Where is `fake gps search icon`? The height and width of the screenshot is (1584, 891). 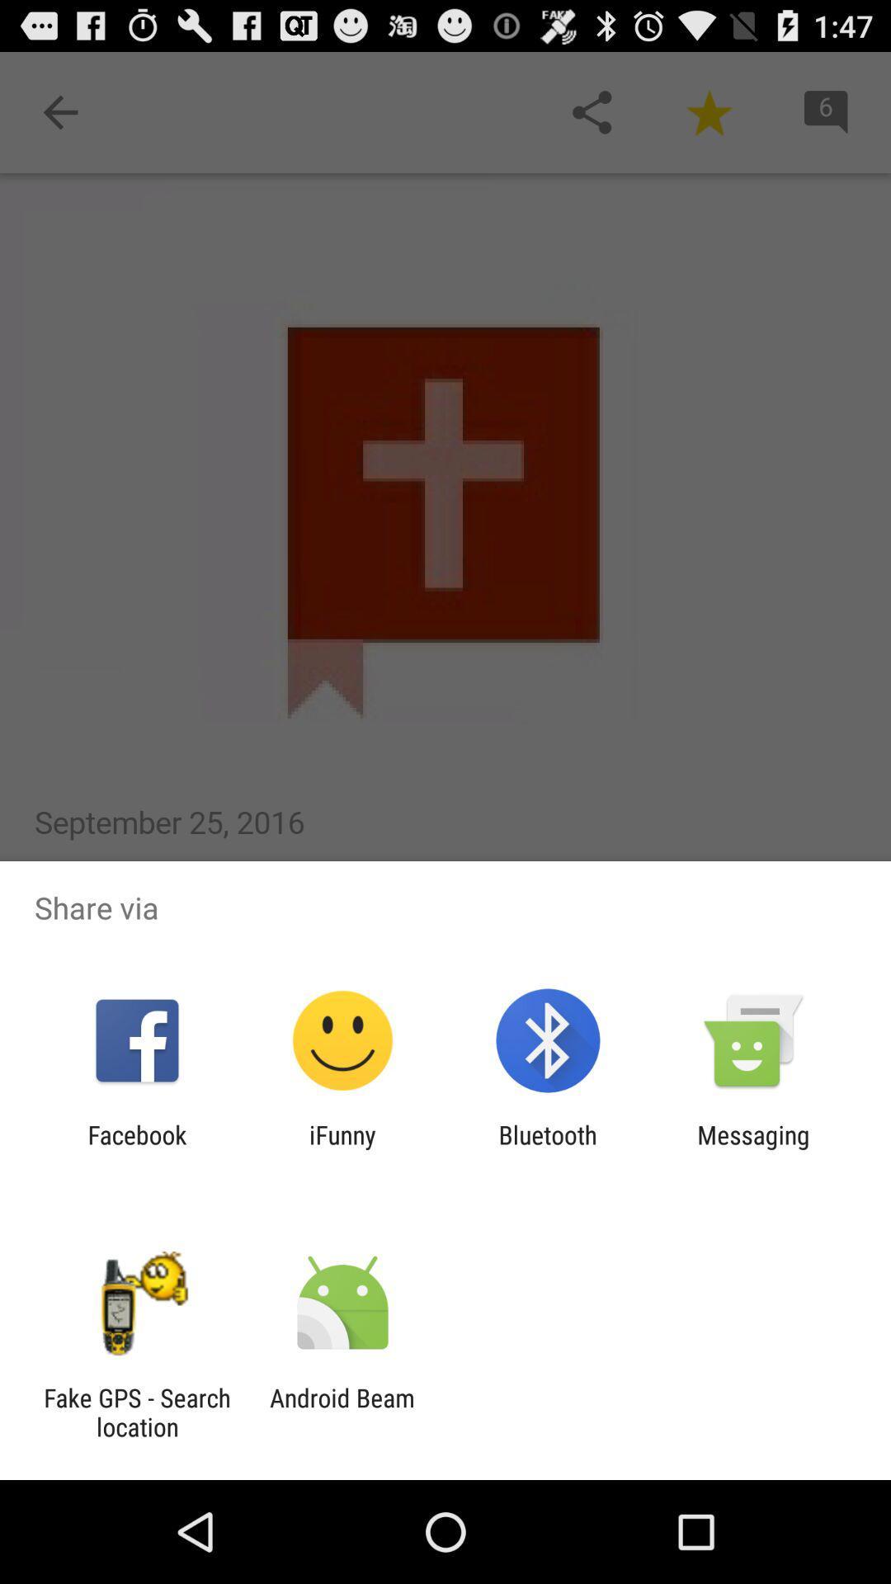
fake gps search icon is located at coordinates (136, 1412).